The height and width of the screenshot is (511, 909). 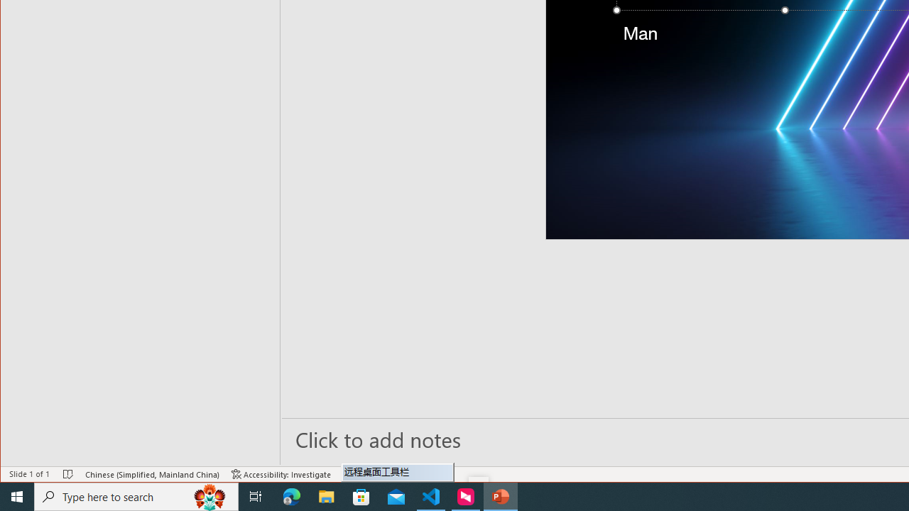 What do you see at coordinates (326, 495) in the screenshot?
I see `'File Explorer'` at bounding box center [326, 495].